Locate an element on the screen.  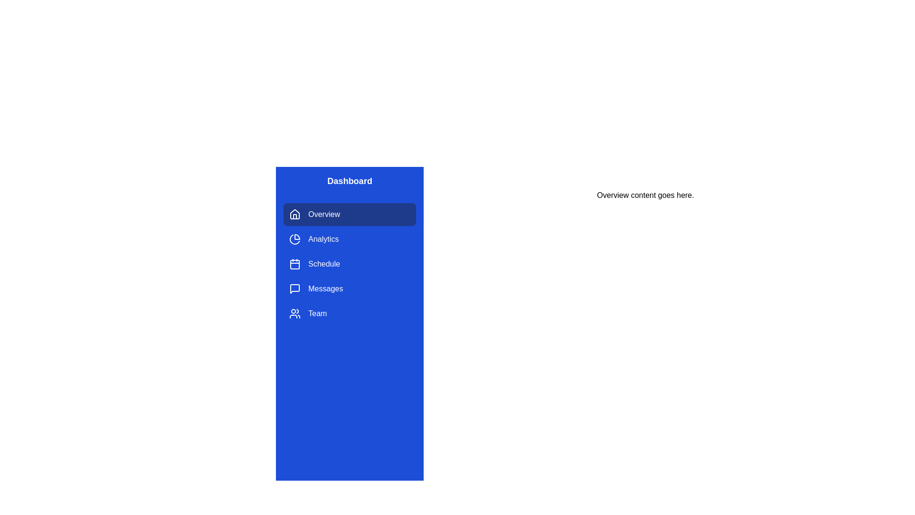
the 'Overview' icon located in the left sidebar of the interface, which serves as a graphical marker for the associated button is located at coordinates (295, 215).